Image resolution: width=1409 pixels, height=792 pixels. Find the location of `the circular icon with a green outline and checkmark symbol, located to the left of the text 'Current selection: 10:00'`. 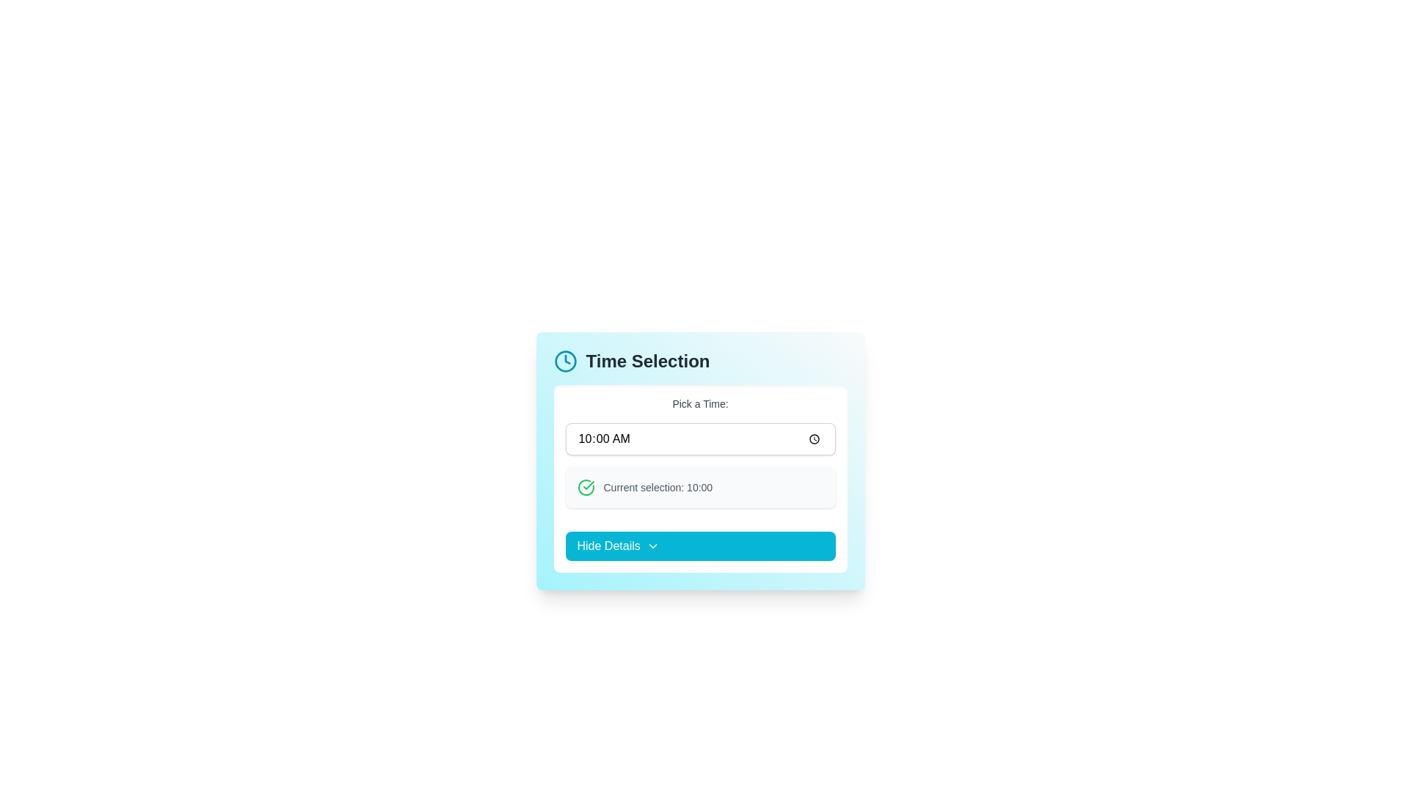

the circular icon with a green outline and checkmark symbol, located to the left of the text 'Current selection: 10:00' is located at coordinates (585, 487).